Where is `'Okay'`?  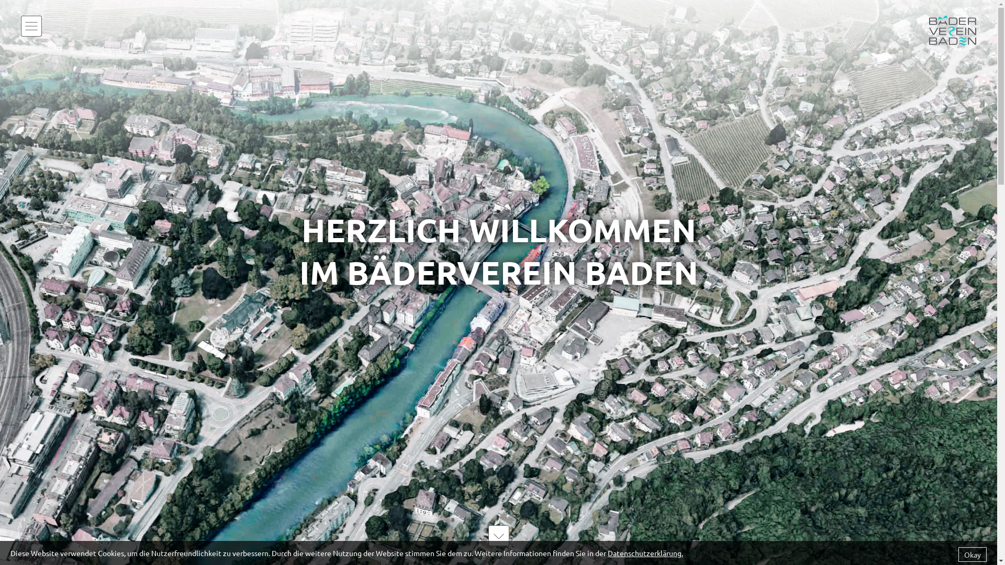 'Okay' is located at coordinates (958, 554).